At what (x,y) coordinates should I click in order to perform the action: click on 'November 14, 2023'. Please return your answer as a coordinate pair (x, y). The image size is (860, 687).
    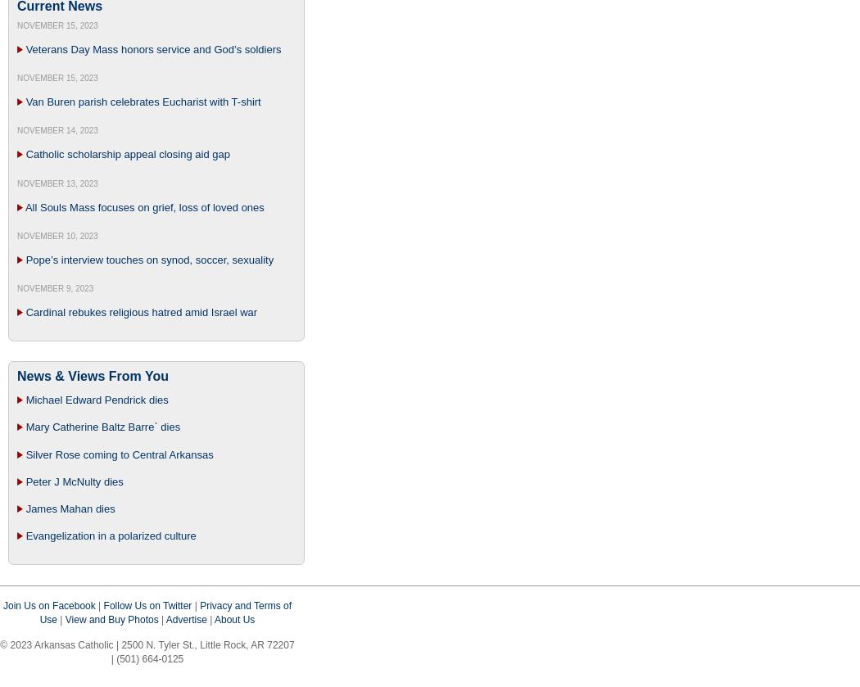
    Looking at the image, I should click on (57, 130).